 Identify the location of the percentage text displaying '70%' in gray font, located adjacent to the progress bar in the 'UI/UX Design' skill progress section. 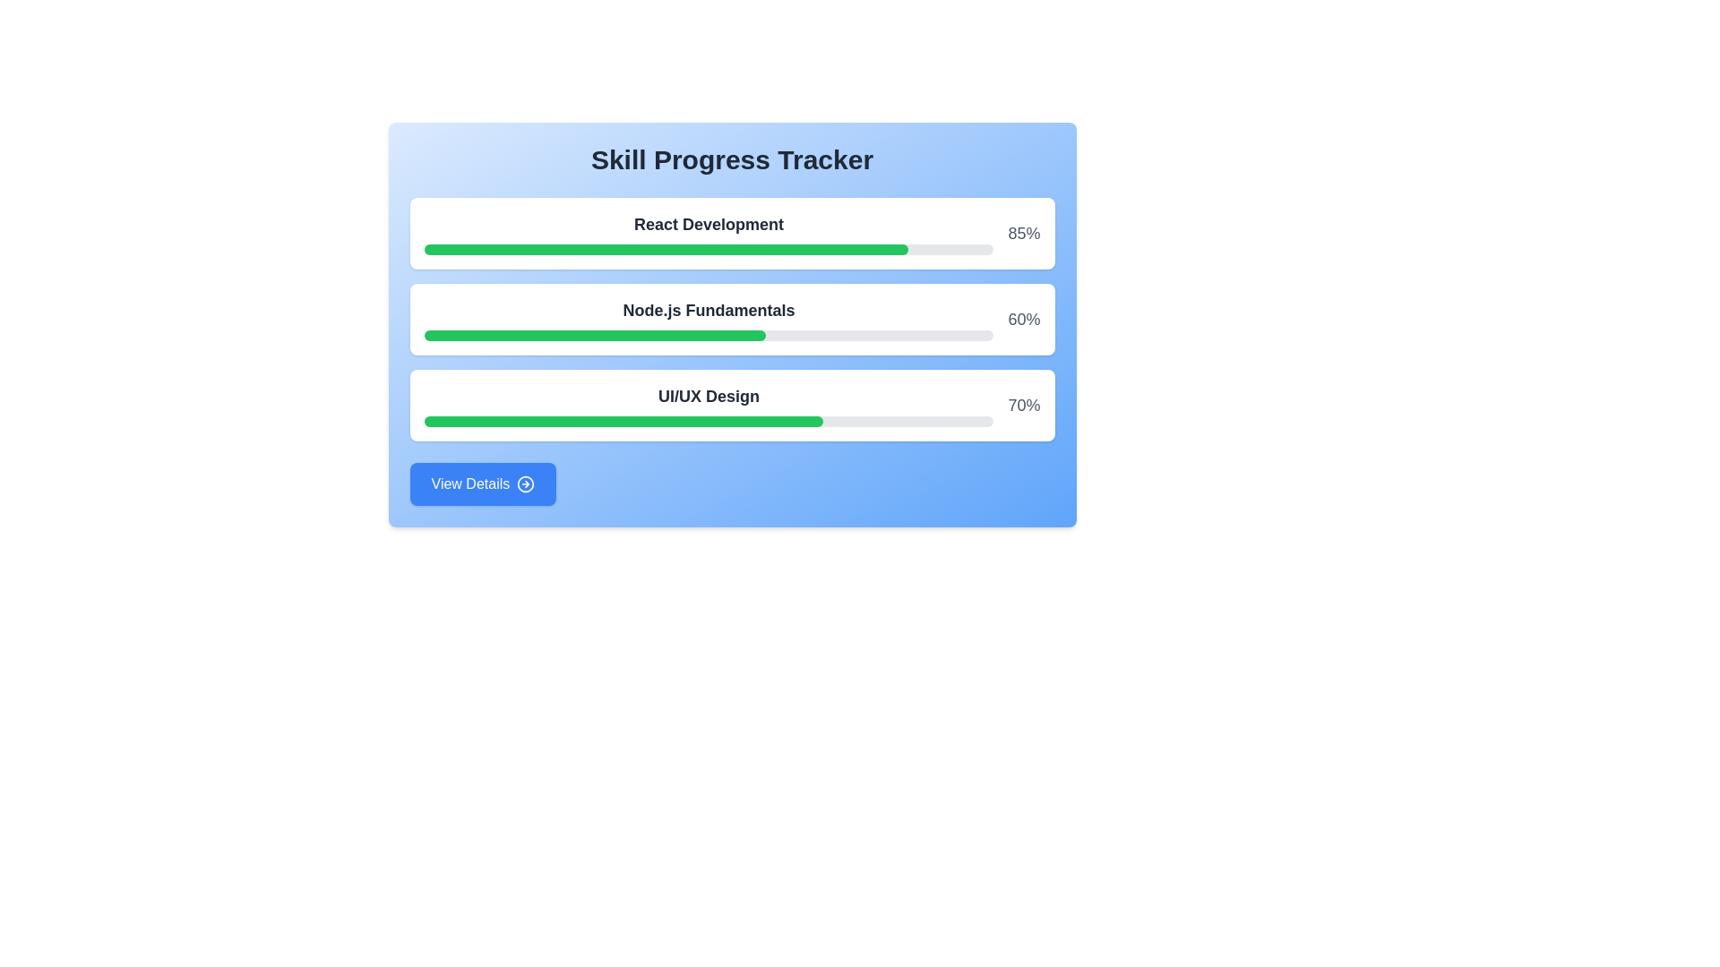
(1024, 405).